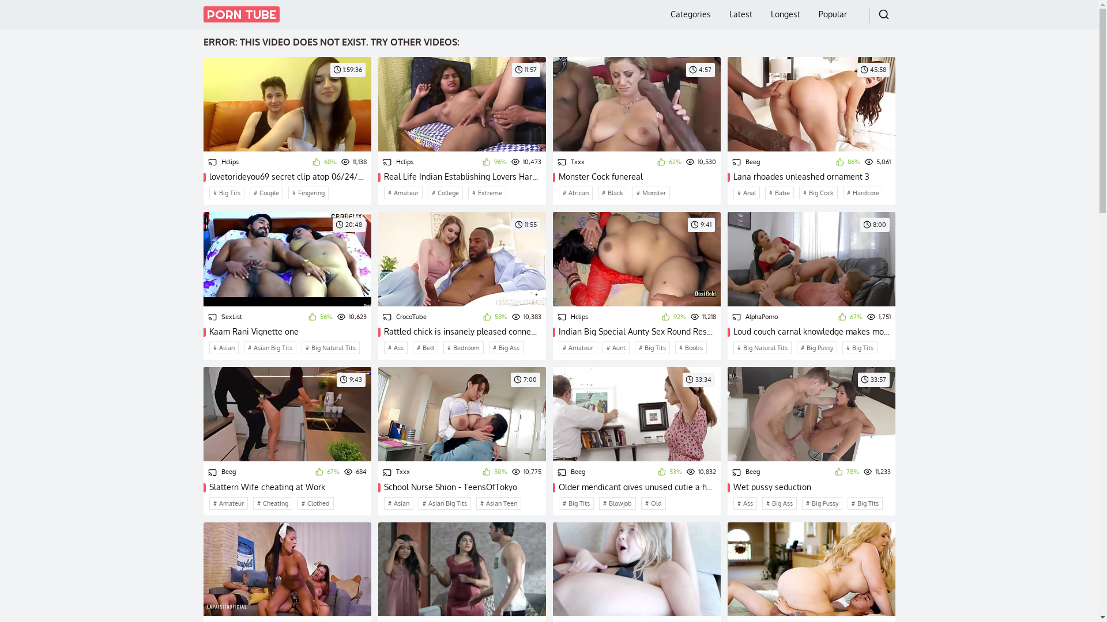 The width and height of the screenshot is (1107, 622). What do you see at coordinates (396, 347) in the screenshot?
I see `'Ass'` at bounding box center [396, 347].